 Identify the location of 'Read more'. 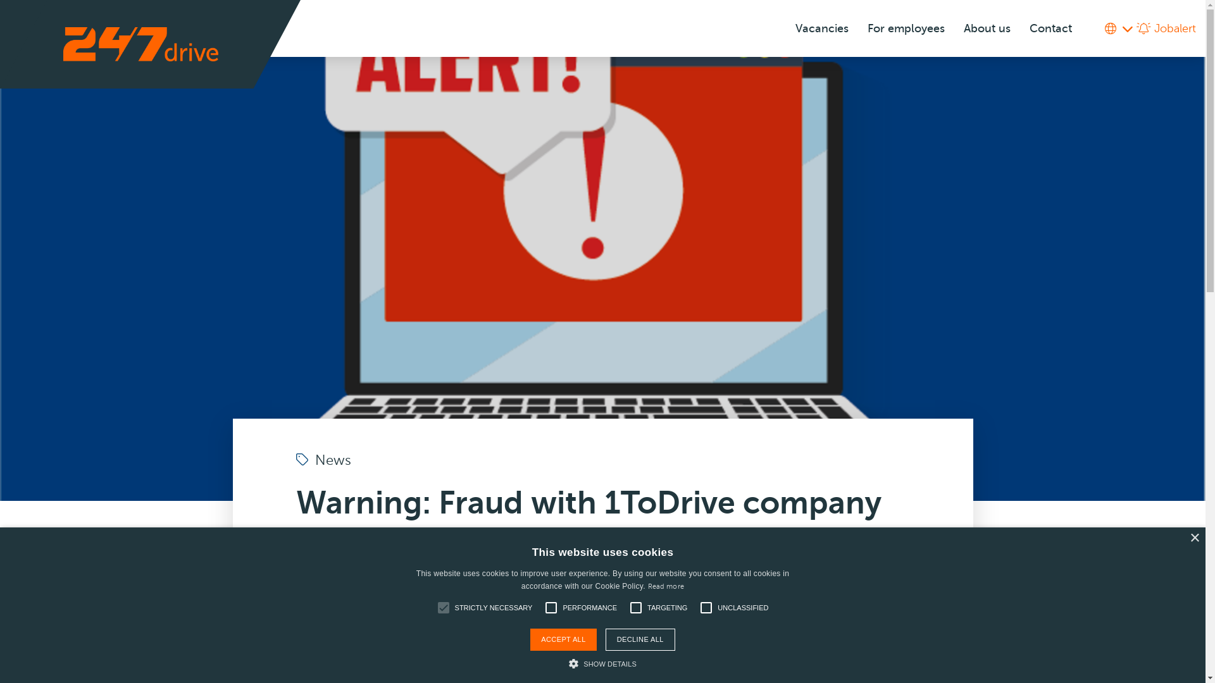
(665, 586).